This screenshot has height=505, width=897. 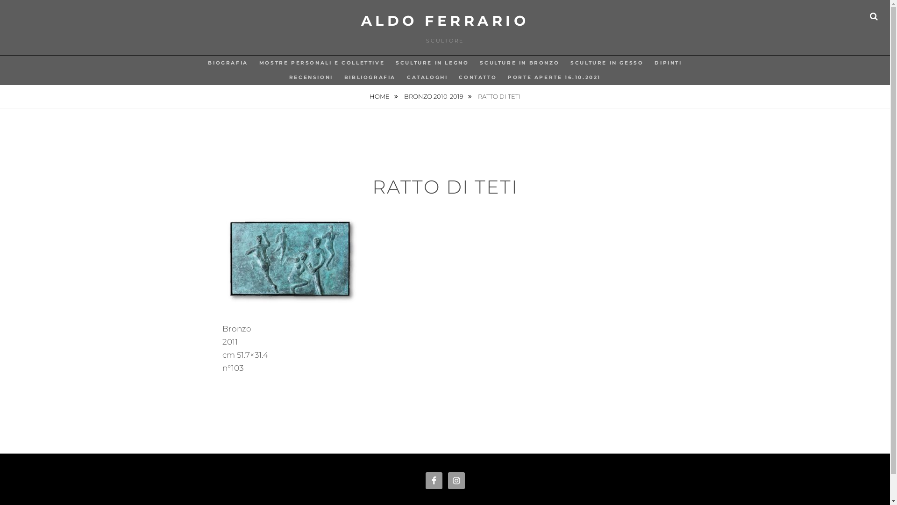 I want to click on 'HOME', so click(x=383, y=96).